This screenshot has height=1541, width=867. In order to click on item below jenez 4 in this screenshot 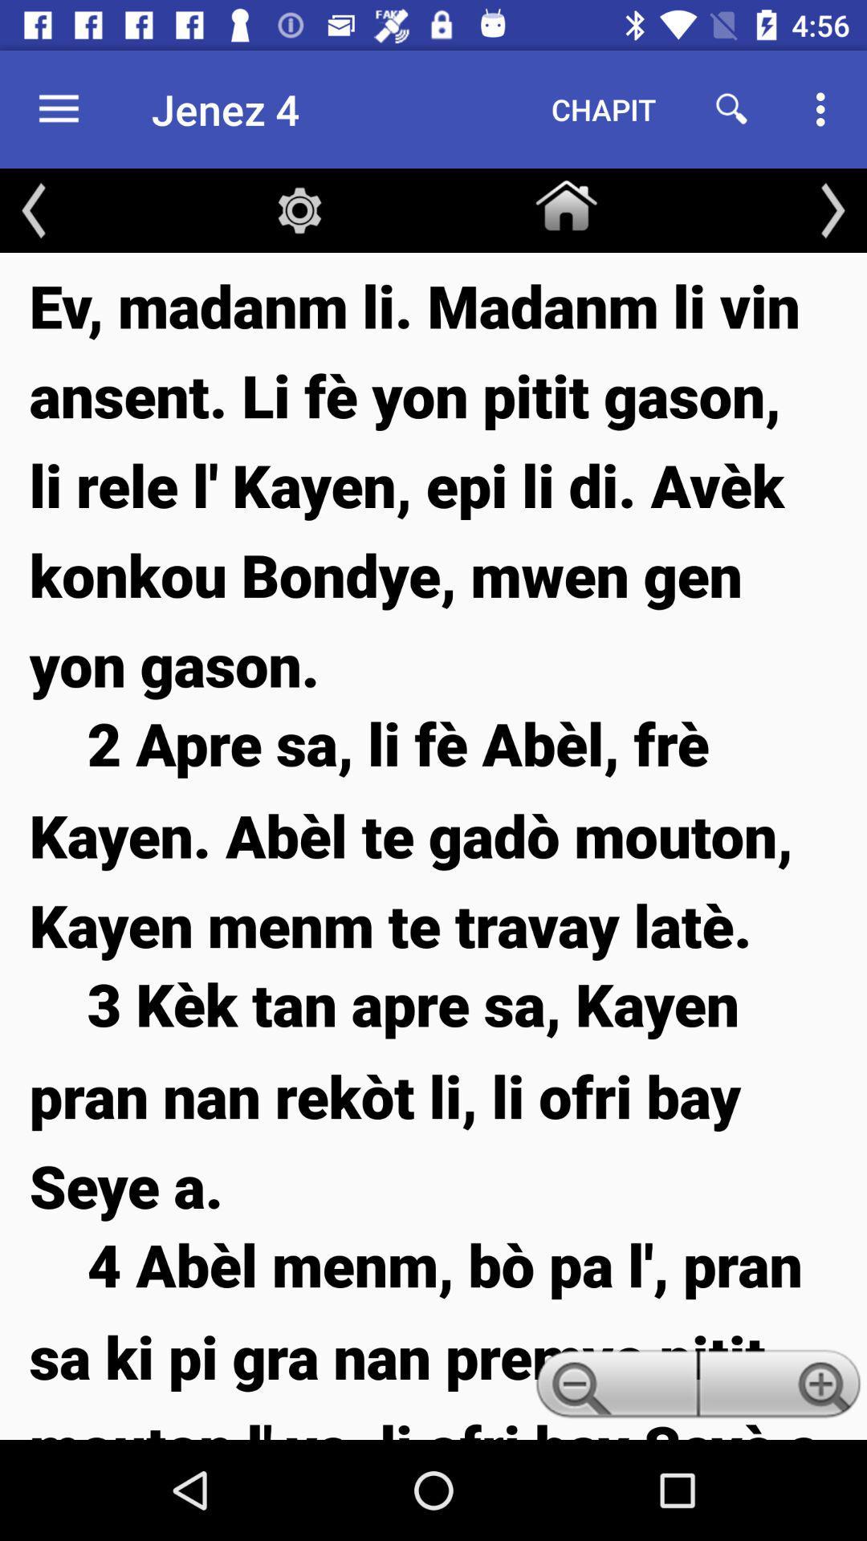, I will do `click(299, 209)`.